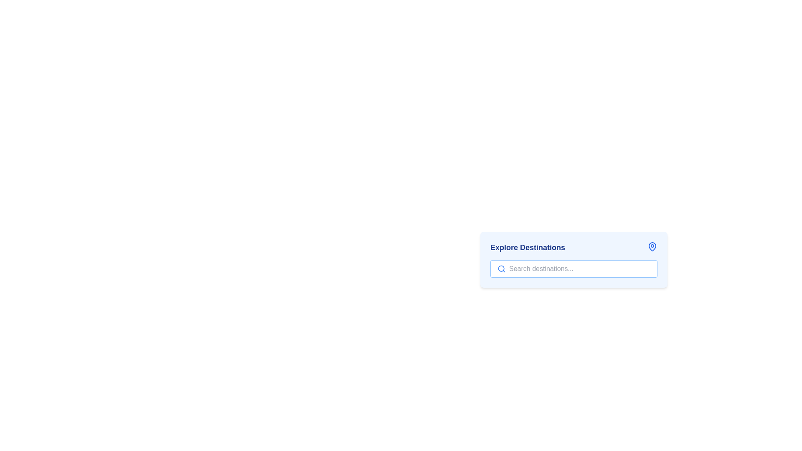 The width and height of the screenshot is (802, 451). What do you see at coordinates (652, 246) in the screenshot?
I see `the blue-colored map pin icon with rounded edges and a hollow center located in the header area of the 'Explore Destinations' section to initiate a location-related feature` at bounding box center [652, 246].